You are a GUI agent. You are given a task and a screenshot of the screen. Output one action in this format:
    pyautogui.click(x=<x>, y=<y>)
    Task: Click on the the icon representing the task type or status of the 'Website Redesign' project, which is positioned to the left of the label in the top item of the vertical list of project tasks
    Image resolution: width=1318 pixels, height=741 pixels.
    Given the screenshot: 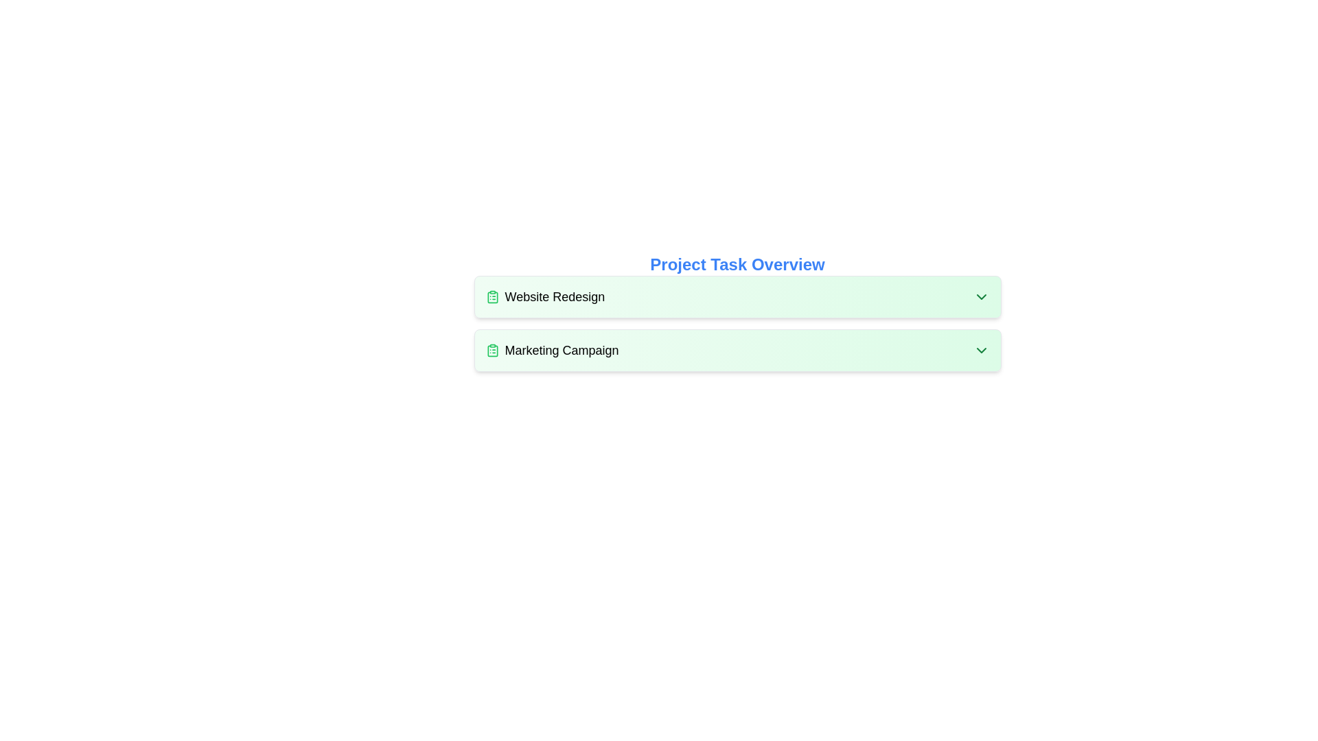 What is the action you would take?
    pyautogui.click(x=492, y=296)
    